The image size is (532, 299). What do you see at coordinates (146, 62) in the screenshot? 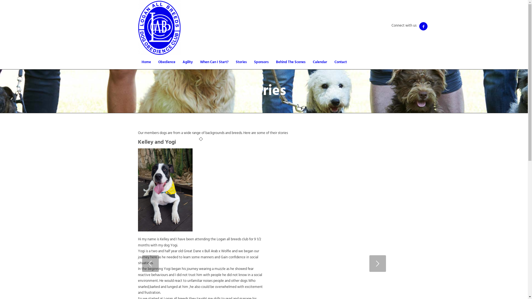
I see `'Home'` at bounding box center [146, 62].